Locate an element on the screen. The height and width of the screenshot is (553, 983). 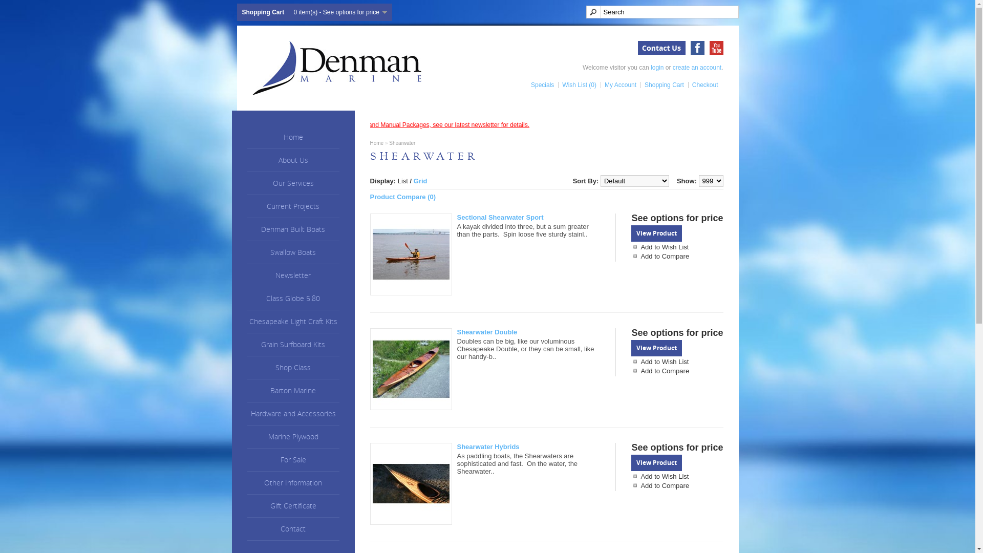
'View Product' is located at coordinates (656, 233).